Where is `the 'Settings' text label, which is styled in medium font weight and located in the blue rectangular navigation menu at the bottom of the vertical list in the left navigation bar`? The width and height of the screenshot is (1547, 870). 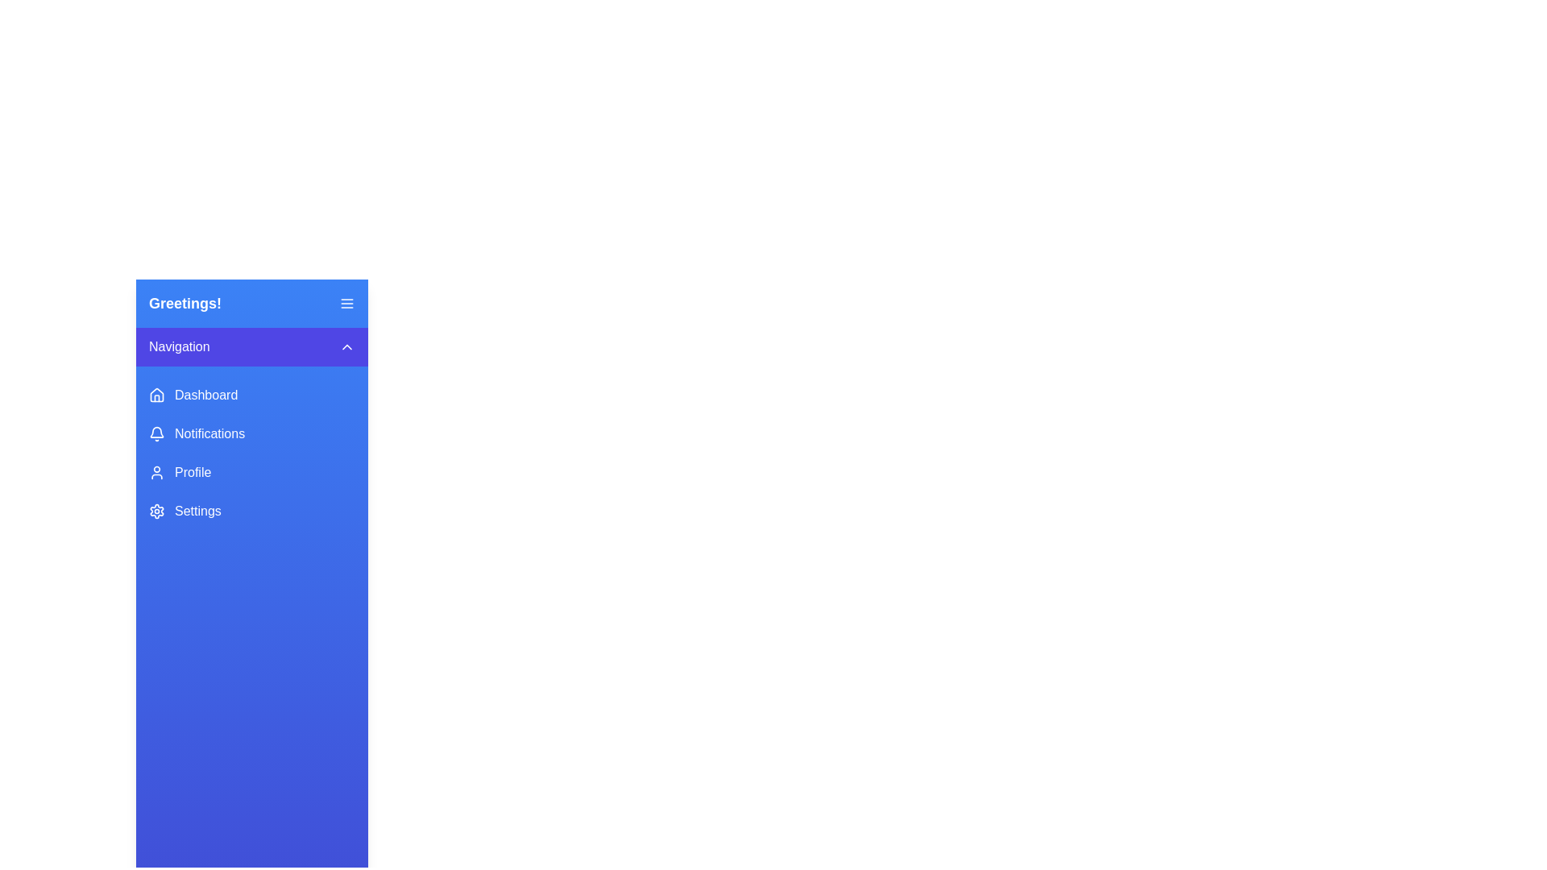 the 'Settings' text label, which is styled in medium font weight and located in the blue rectangular navigation menu at the bottom of the vertical list in the left navigation bar is located at coordinates (197, 512).